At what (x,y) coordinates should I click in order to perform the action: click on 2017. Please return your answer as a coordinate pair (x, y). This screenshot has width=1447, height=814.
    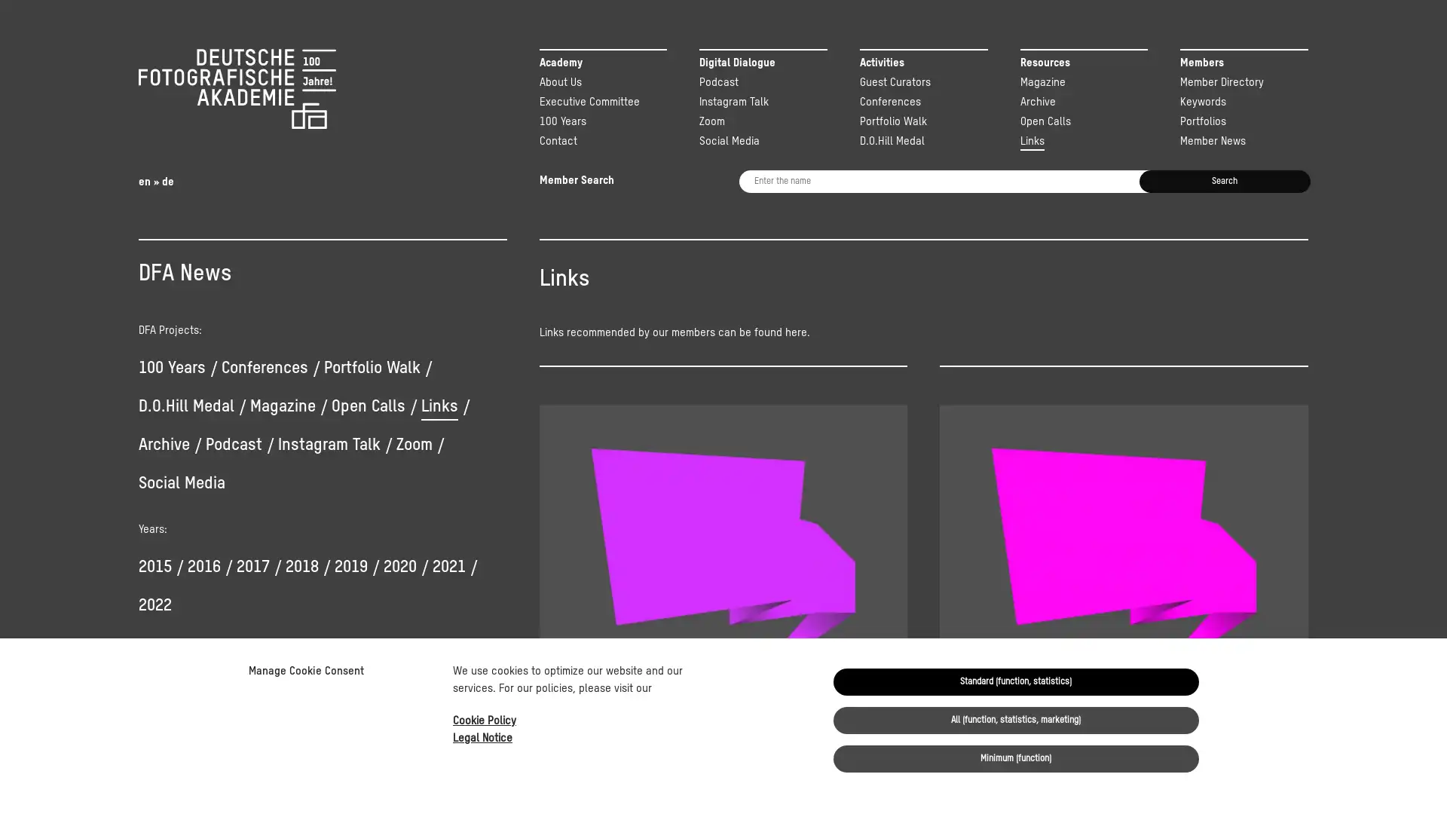
    Looking at the image, I should click on (253, 567).